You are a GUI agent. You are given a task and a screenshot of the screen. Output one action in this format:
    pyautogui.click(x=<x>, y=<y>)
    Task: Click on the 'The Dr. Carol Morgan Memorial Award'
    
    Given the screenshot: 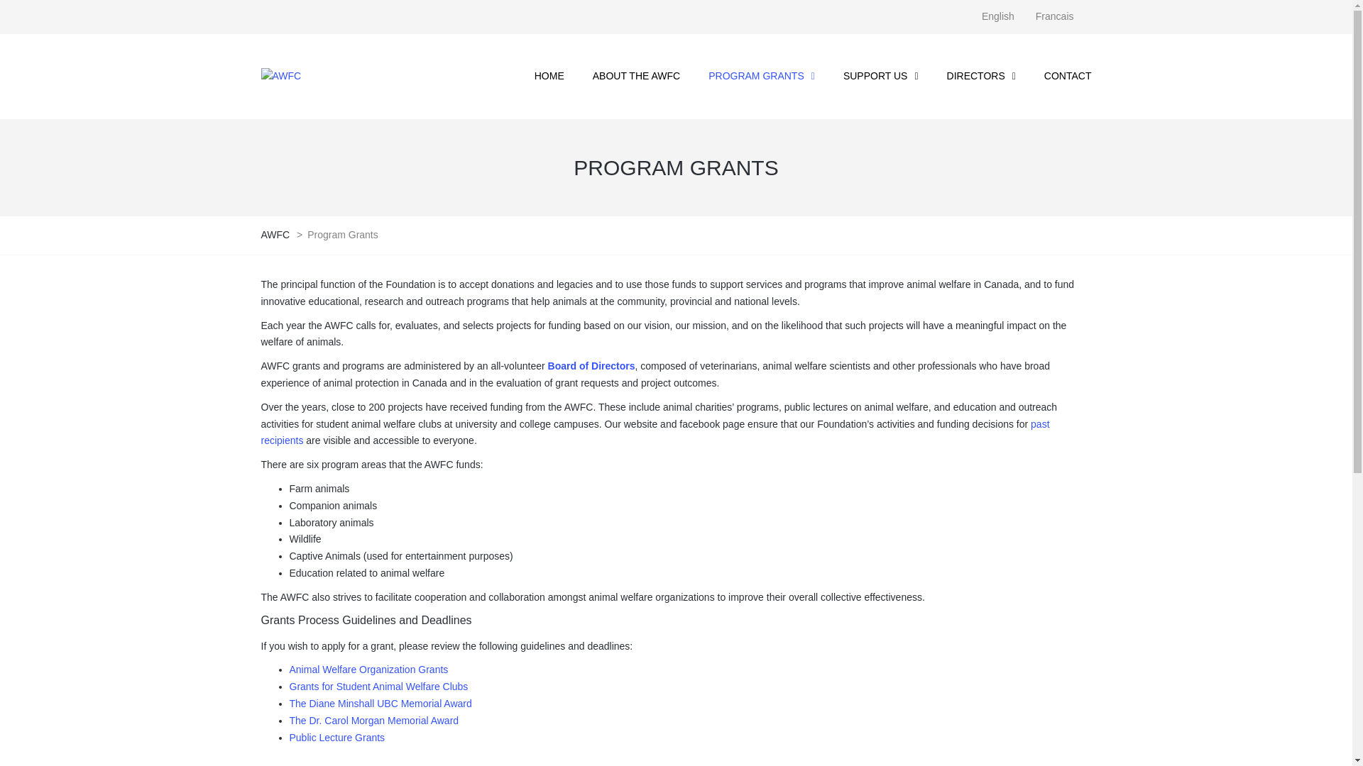 What is the action you would take?
    pyautogui.click(x=374, y=720)
    